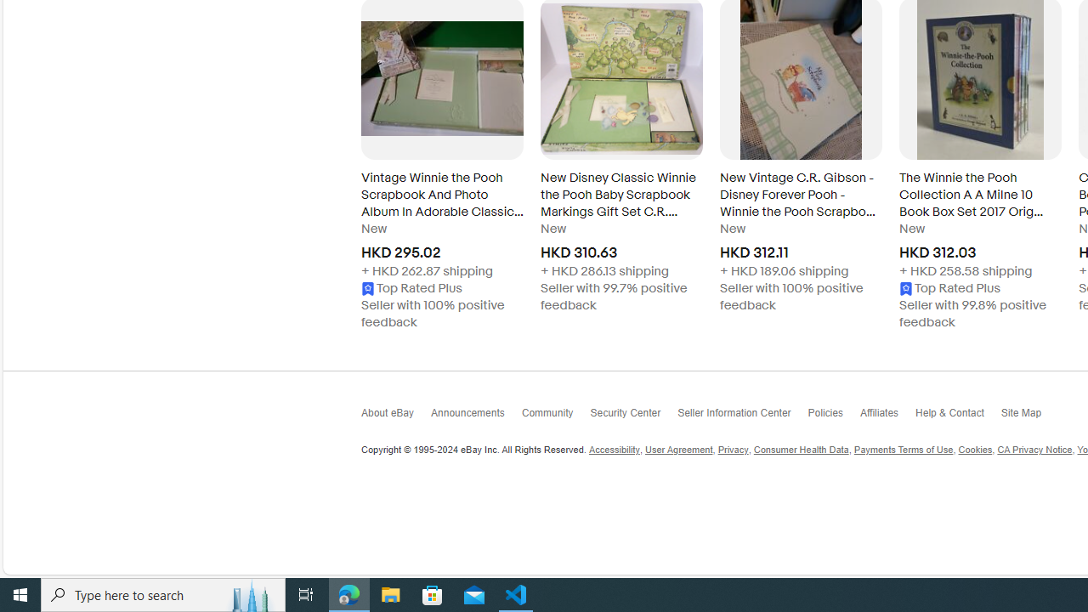 The height and width of the screenshot is (612, 1088). I want to click on 'CA Privacy Notice', so click(1034, 449).